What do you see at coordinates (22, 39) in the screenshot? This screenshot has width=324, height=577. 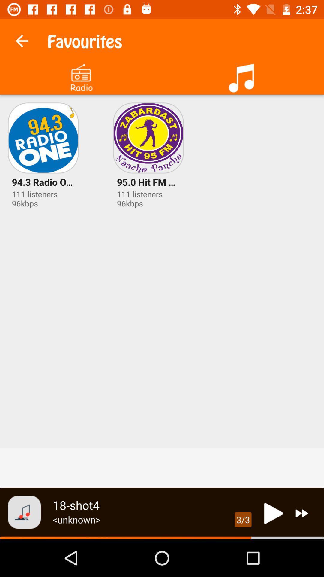 I see `icon next to the favourites` at bounding box center [22, 39].